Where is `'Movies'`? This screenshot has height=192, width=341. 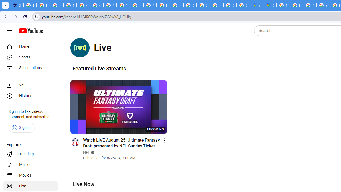 'Movies' is located at coordinates (30, 175).